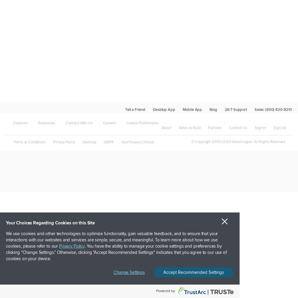 The width and height of the screenshot is (298, 298). Describe the element at coordinates (183, 128) in the screenshot. I see `'News'` at that location.